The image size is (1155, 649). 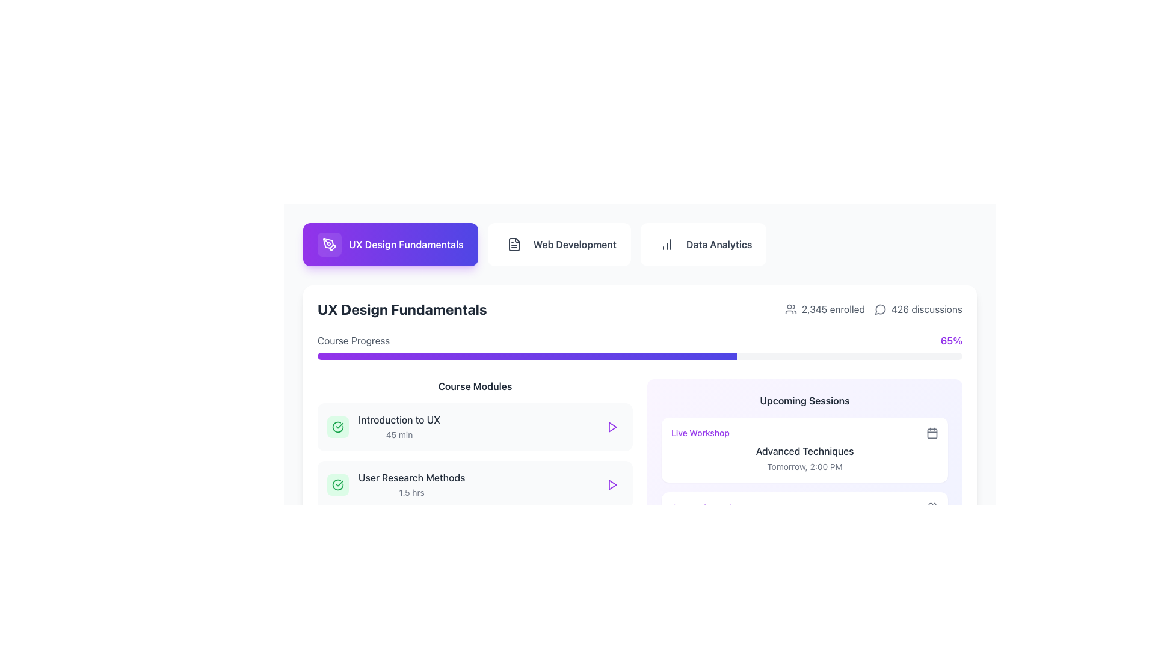 What do you see at coordinates (558, 244) in the screenshot?
I see `the 'Web Development' button, which is a rounded rectangular button with a white background and dark gray text, located between the 'UX Design Fundamentals' and 'Data Analytics' buttons` at bounding box center [558, 244].